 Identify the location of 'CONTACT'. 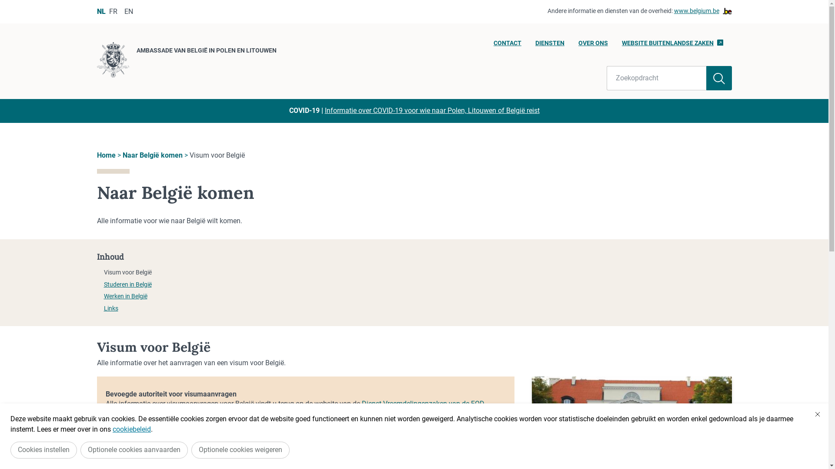
(507, 45).